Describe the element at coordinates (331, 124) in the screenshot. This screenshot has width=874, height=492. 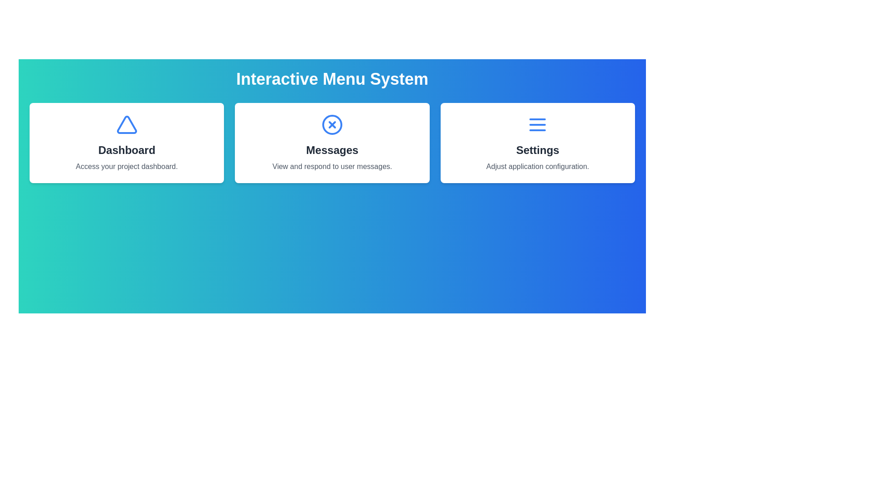
I see `the circular icon related to the 'Messages' functionality located at the top-center of the white card titled 'Messages'` at that location.